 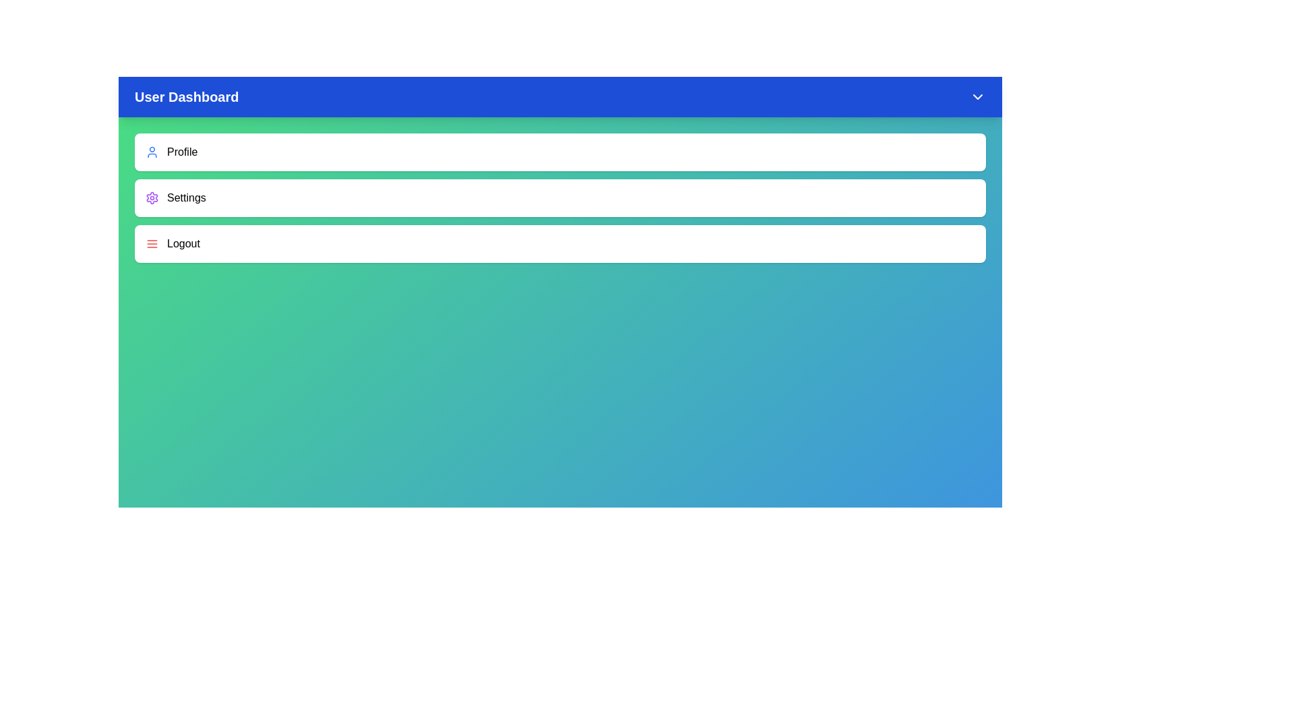 What do you see at coordinates (560, 244) in the screenshot?
I see `the 'Logout' menu item` at bounding box center [560, 244].